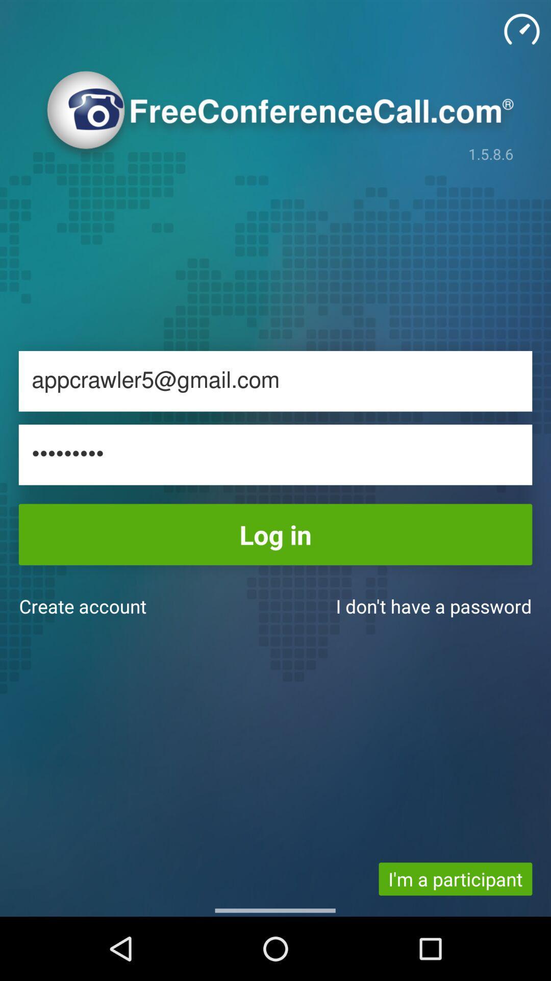 This screenshot has height=981, width=551. Describe the element at coordinates (521, 29) in the screenshot. I see `timer` at that location.